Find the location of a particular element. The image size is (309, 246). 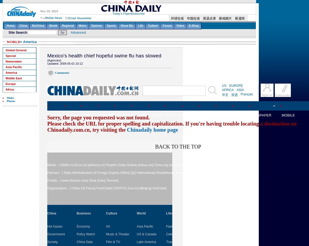

'Youth.cn|' is located at coordinates (216, 165).